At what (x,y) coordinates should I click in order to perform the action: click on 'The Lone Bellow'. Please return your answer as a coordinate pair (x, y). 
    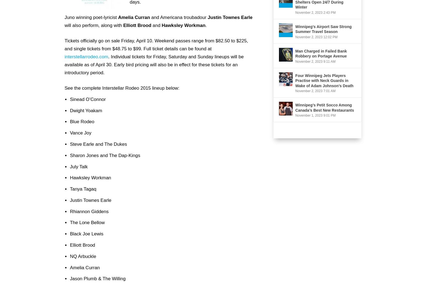
    Looking at the image, I should click on (87, 222).